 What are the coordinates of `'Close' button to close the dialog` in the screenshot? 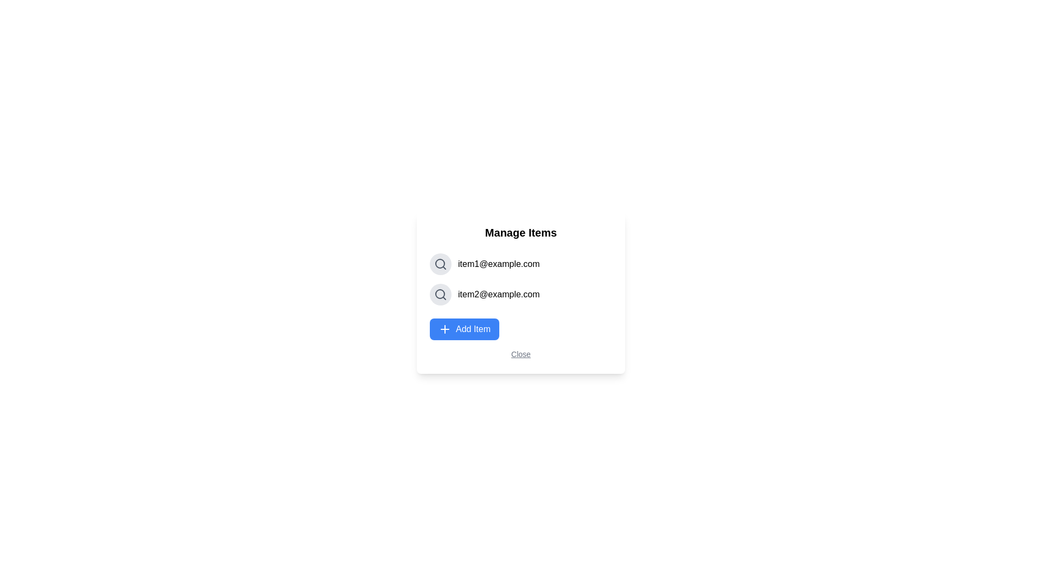 It's located at (520, 354).